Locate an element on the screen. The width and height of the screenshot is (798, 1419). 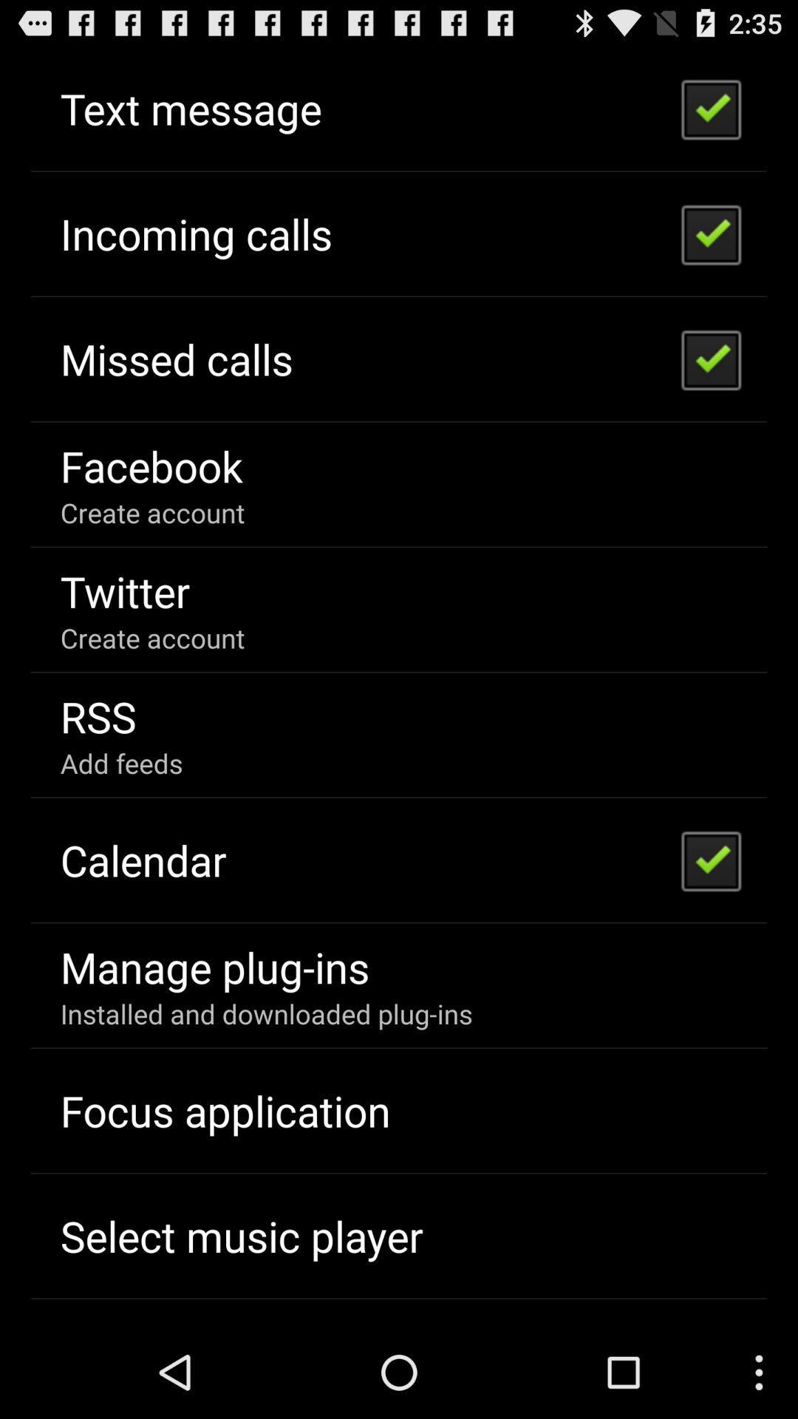
add feeds item is located at coordinates (120, 763).